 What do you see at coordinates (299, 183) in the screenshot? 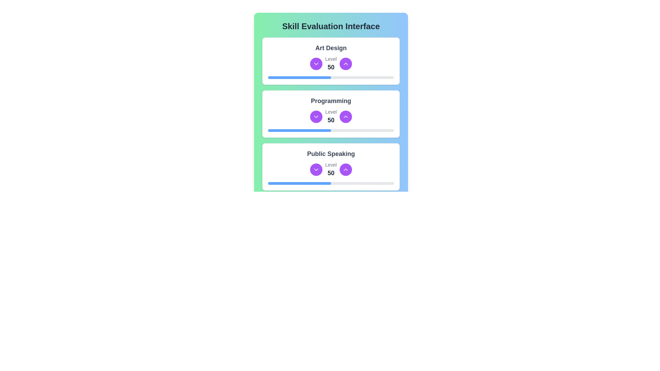
I see `the slider value` at bounding box center [299, 183].